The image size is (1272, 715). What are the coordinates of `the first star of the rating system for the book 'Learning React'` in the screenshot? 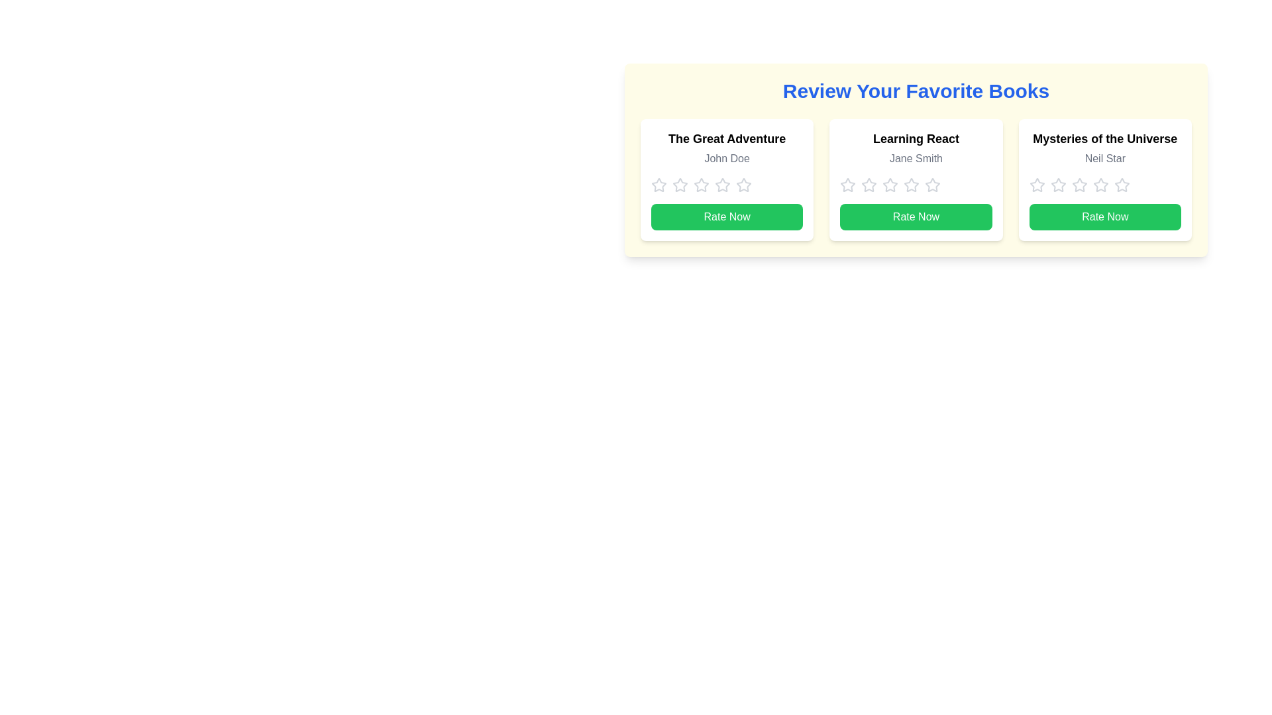 It's located at (869, 185).